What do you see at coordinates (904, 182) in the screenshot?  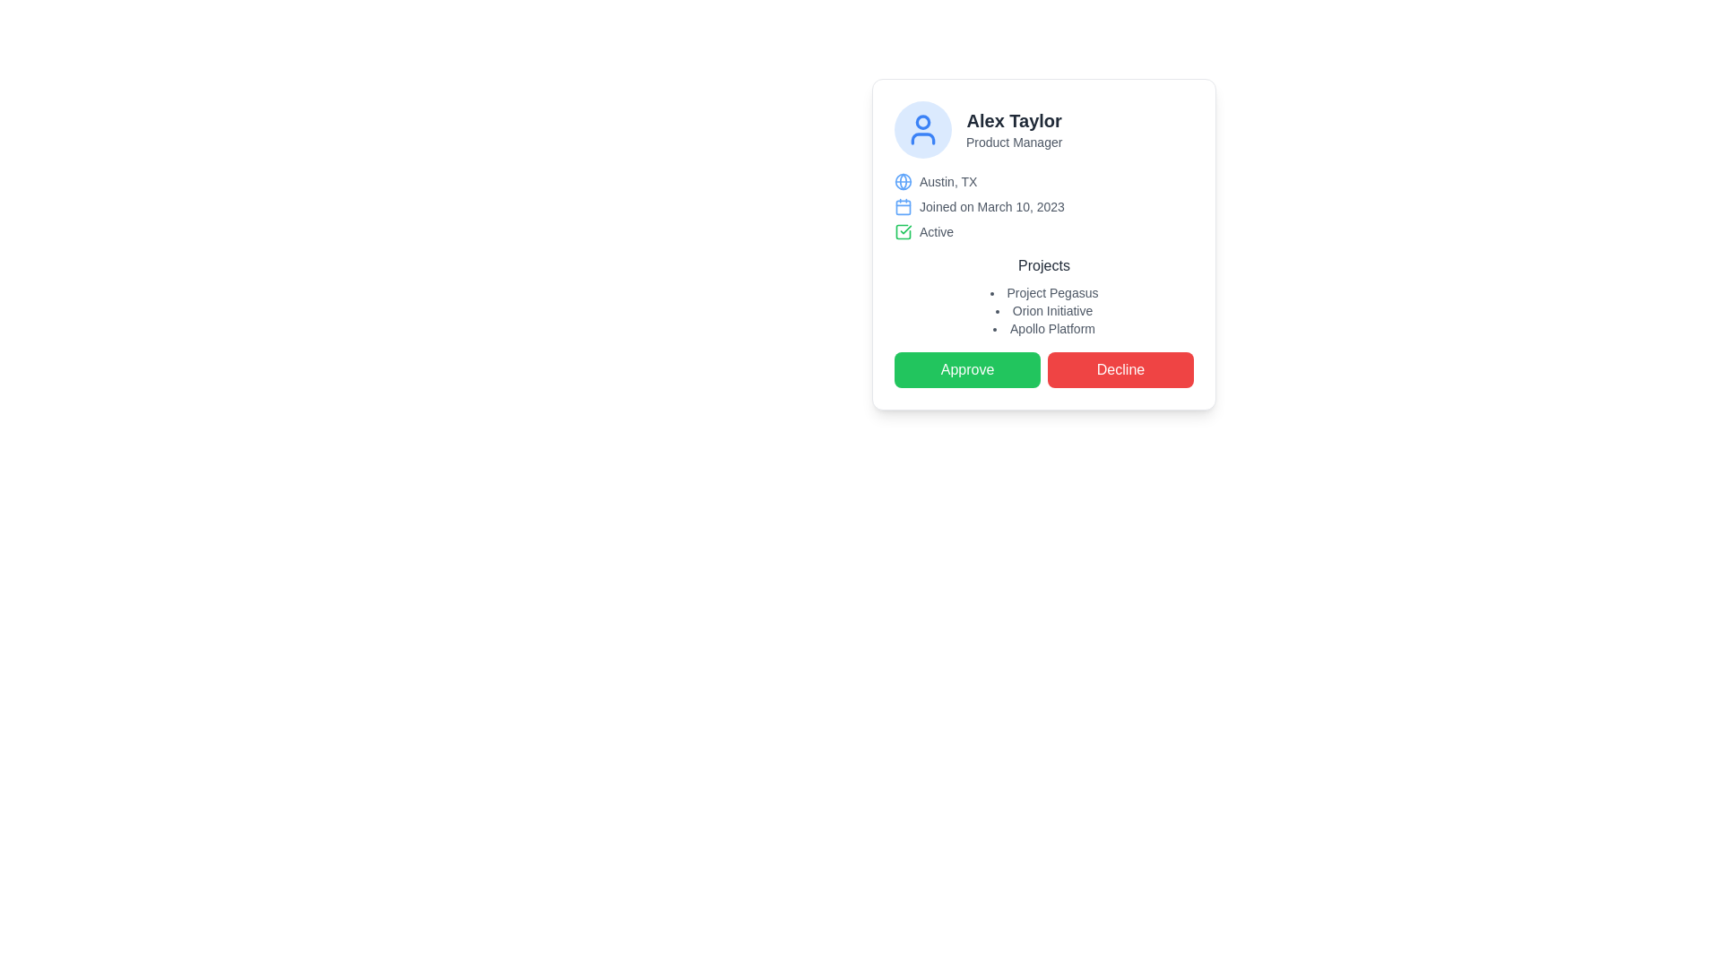 I see `the inner circle of the globe icon located to the left of the 'Austin, TX' text in the detailed user card` at bounding box center [904, 182].